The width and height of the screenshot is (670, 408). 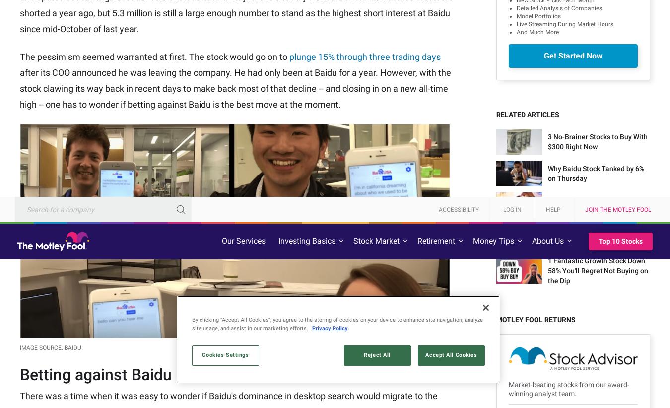 What do you see at coordinates (225, 49) in the screenshot?
I see `'Baidu's laser focus on search and AI is resulting in margin-expanding renaissance. Its operating profit and adjusted earnings more than doubled in'` at bounding box center [225, 49].